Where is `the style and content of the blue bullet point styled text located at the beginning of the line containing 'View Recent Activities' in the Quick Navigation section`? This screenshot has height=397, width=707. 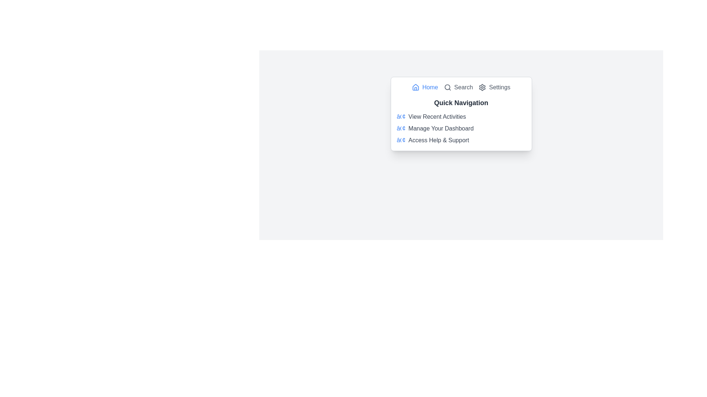 the style and content of the blue bullet point styled text located at the beginning of the line containing 'View Recent Activities' in the Quick Navigation section is located at coordinates (401, 116).